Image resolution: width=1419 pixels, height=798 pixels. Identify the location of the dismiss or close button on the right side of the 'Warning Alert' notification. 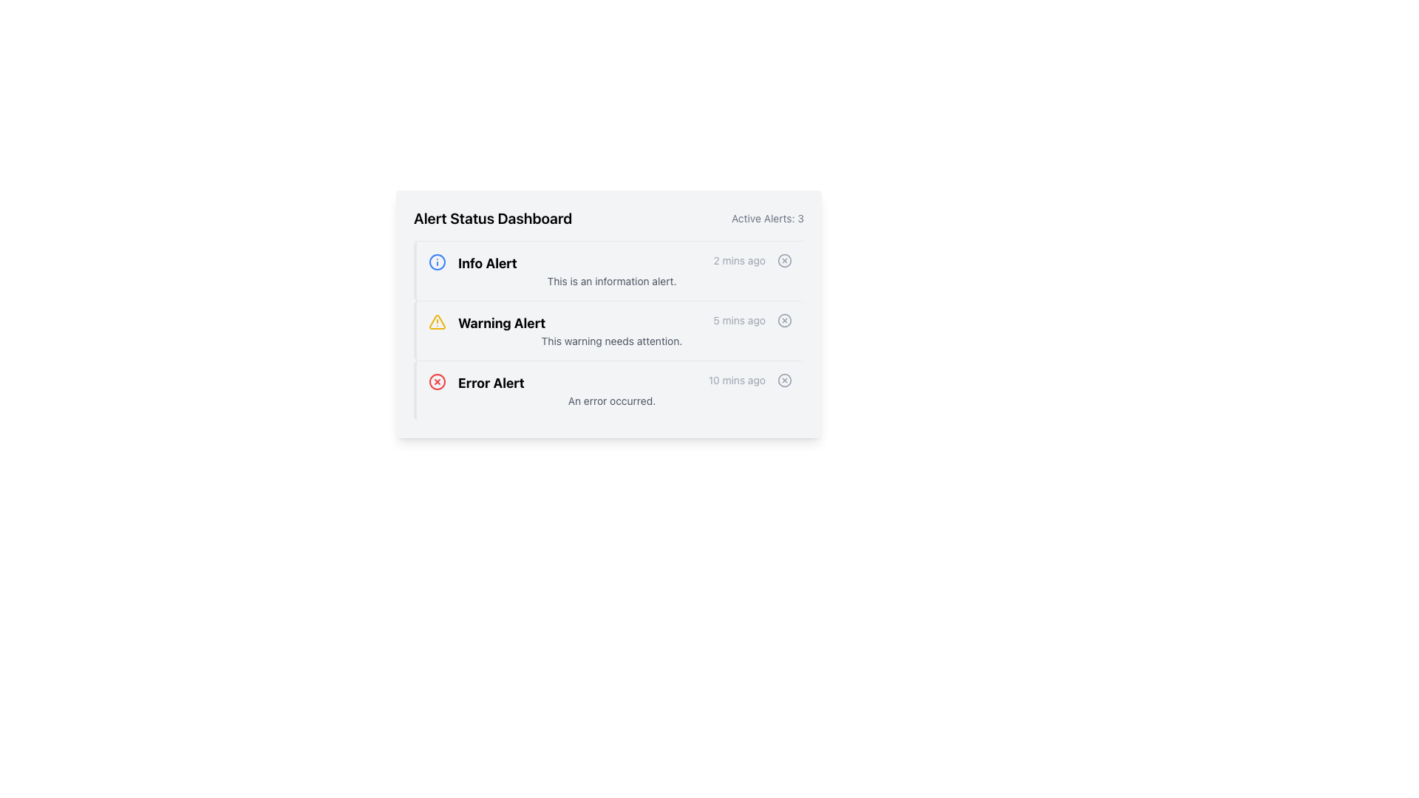
(783, 320).